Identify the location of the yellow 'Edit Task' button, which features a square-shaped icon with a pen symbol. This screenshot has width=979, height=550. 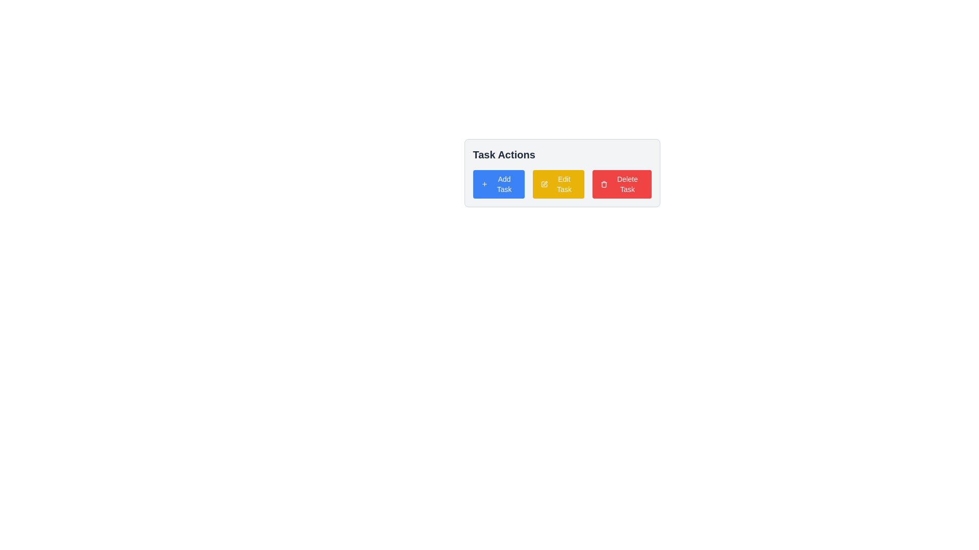
(544, 184).